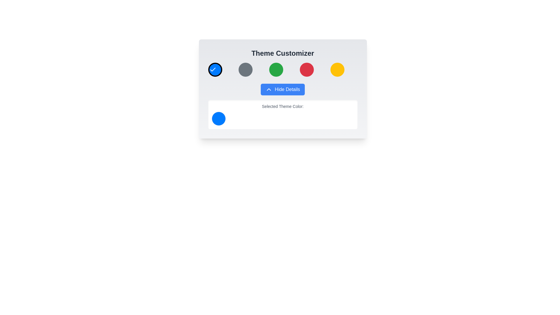 The image size is (560, 315). What do you see at coordinates (212, 69) in the screenshot?
I see `the selected blue checkmark icon located within the leftmost circular button at the top of the theme customization section` at bounding box center [212, 69].